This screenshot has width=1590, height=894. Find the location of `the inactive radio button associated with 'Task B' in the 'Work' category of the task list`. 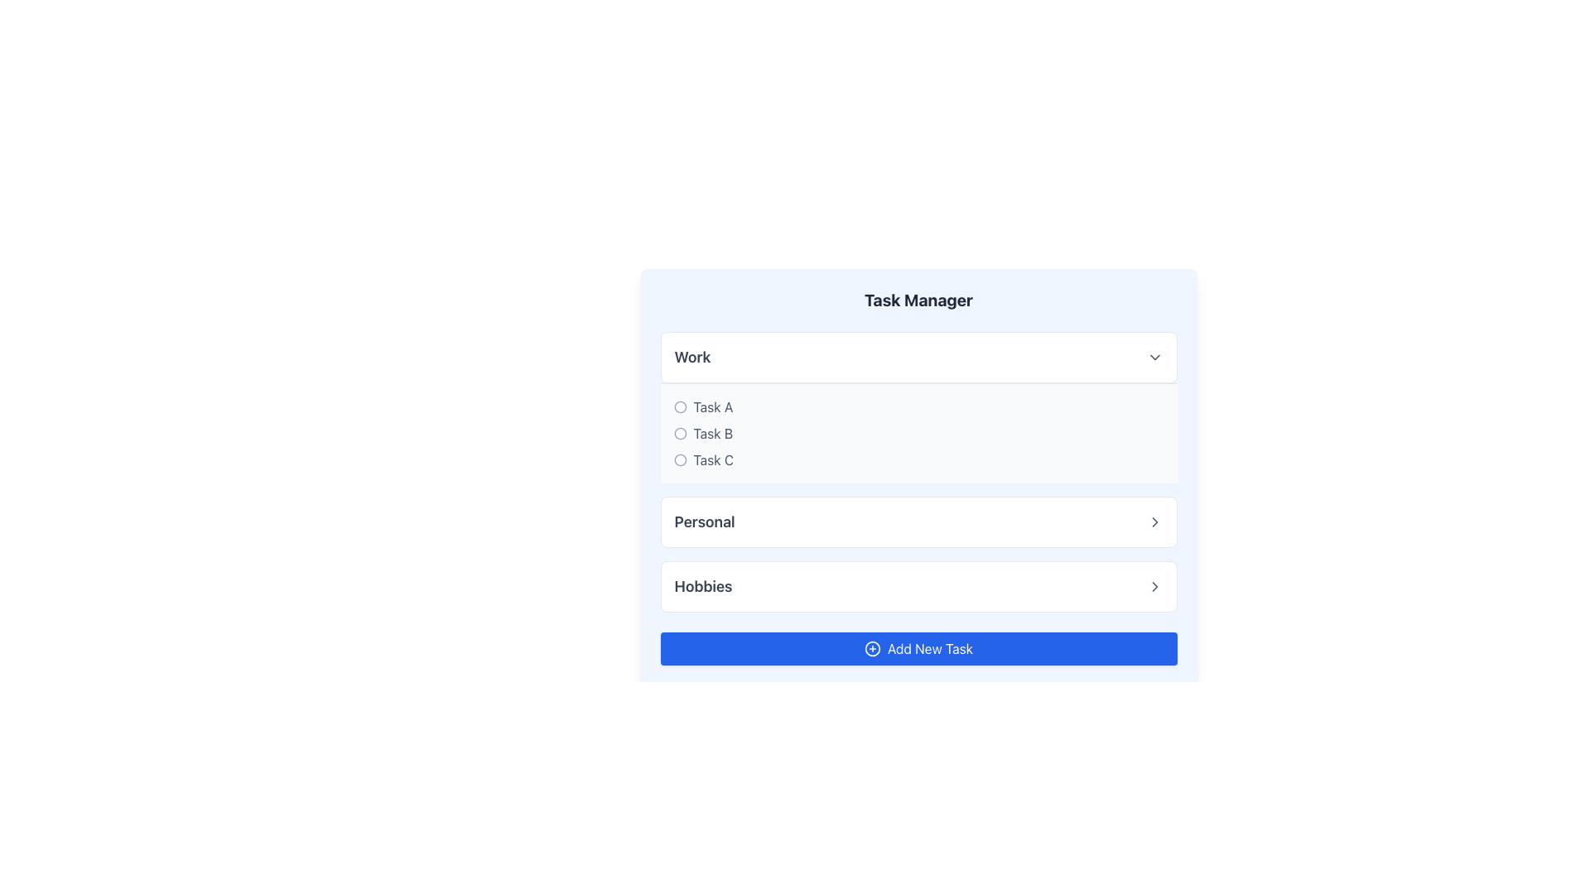

the inactive radio button associated with 'Task B' in the 'Work' category of the task list is located at coordinates (680, 433).